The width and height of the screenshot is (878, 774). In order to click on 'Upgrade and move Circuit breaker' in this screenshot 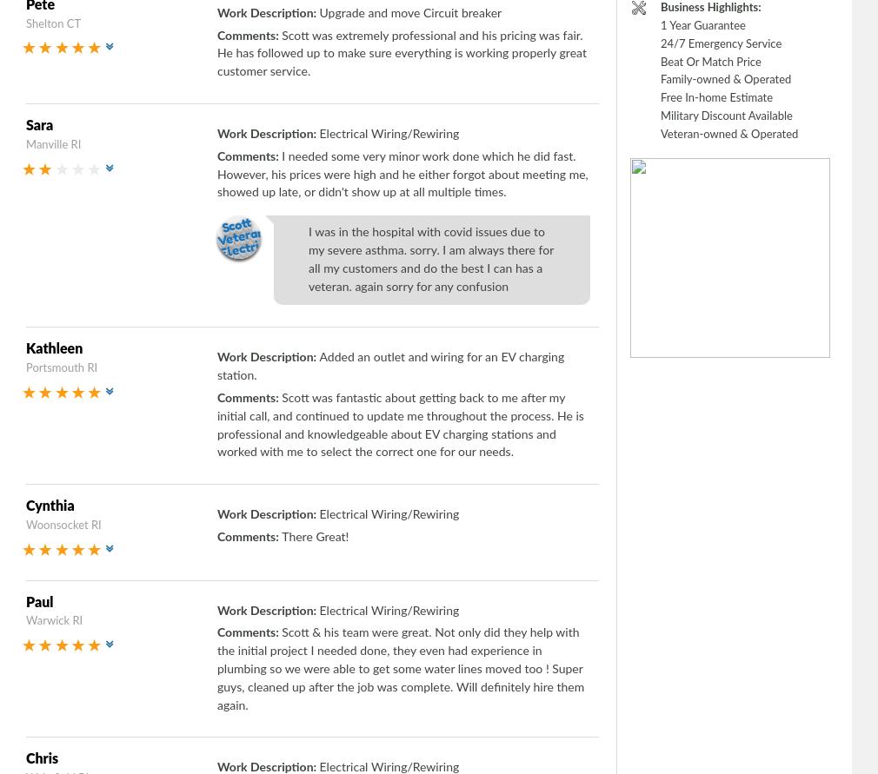, I will do `click(409, 12)`.